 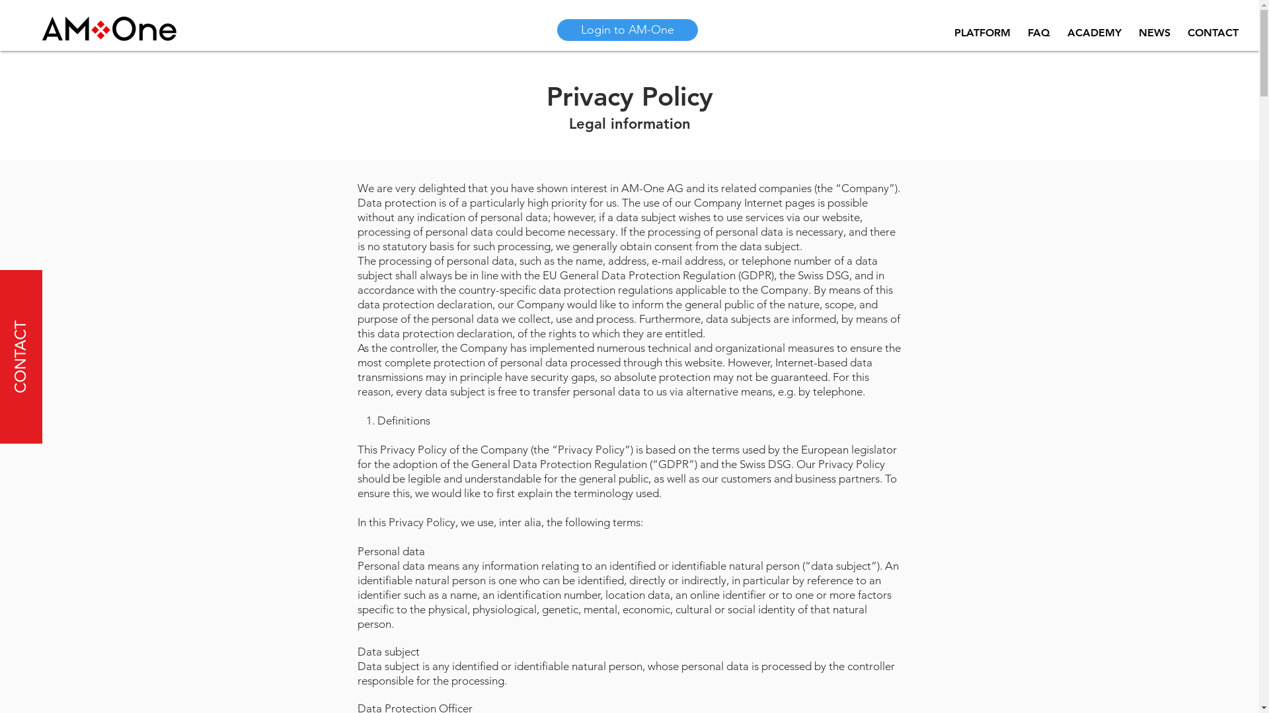 I want to click on 'Login to AM-One', so click(x=626, y=30).